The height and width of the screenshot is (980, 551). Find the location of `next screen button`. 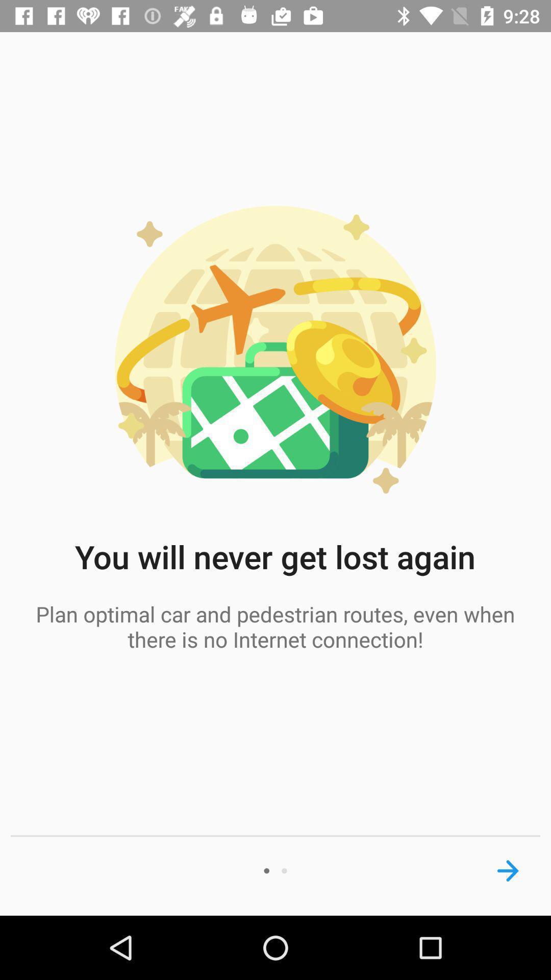

next screen button is located at coordinates (508, 870).